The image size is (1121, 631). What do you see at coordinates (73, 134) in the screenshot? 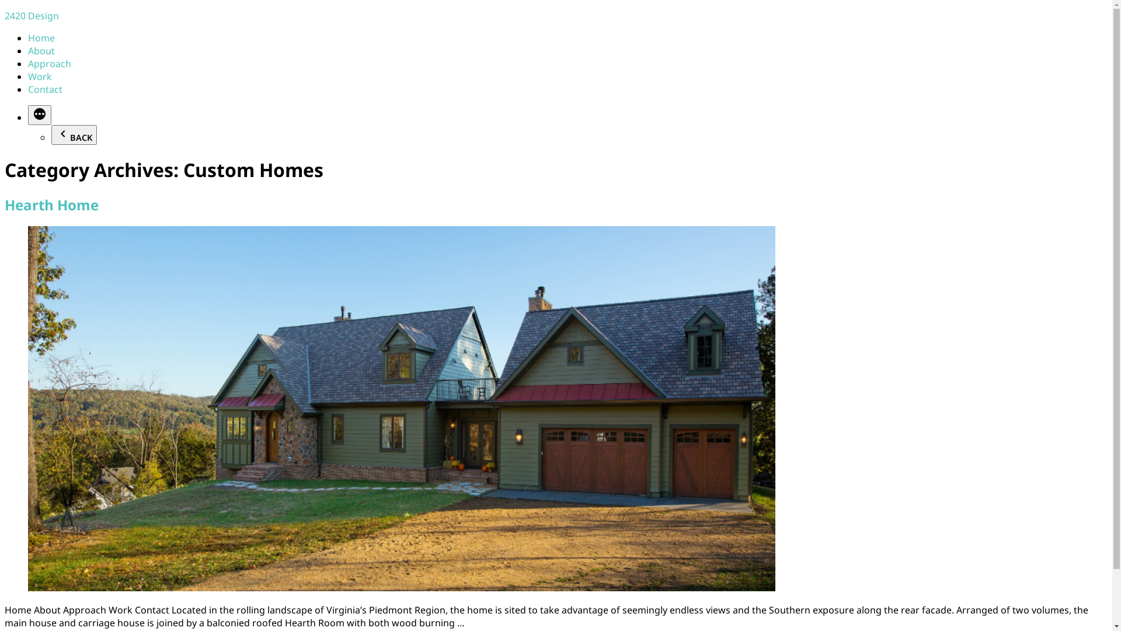
I see `'BACK'` at bounding box center [73, 134].